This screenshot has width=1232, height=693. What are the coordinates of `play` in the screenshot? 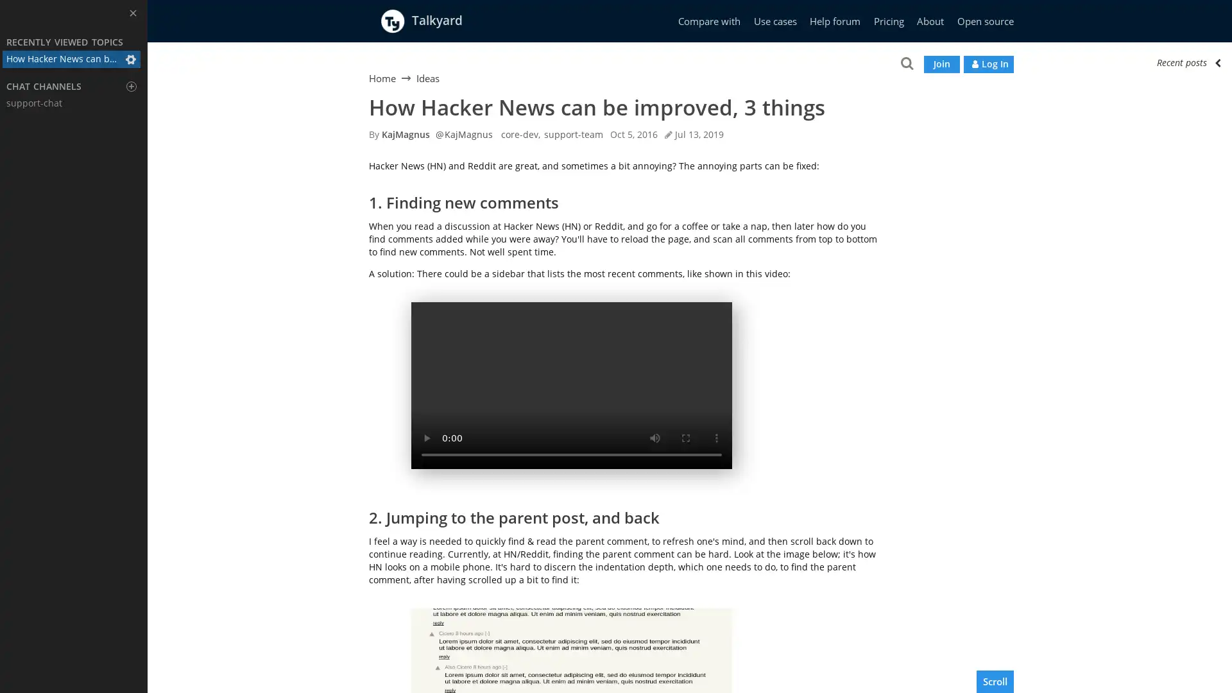 It's located at (427, 437).